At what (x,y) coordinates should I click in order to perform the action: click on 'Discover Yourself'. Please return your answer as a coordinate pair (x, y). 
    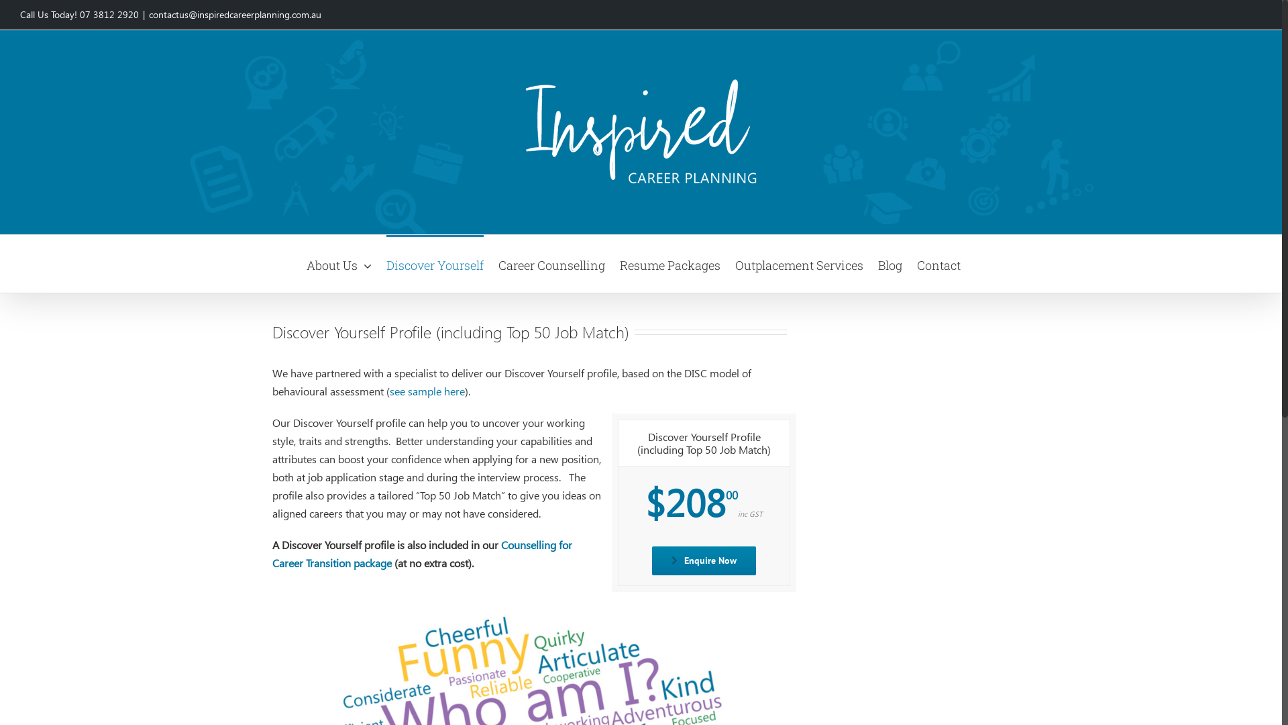
    Looking at the image, I should click on (386, 264).